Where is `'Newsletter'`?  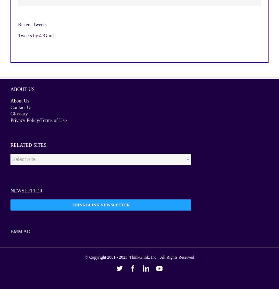
'Newsletter' is located at coordinates (26, 191).